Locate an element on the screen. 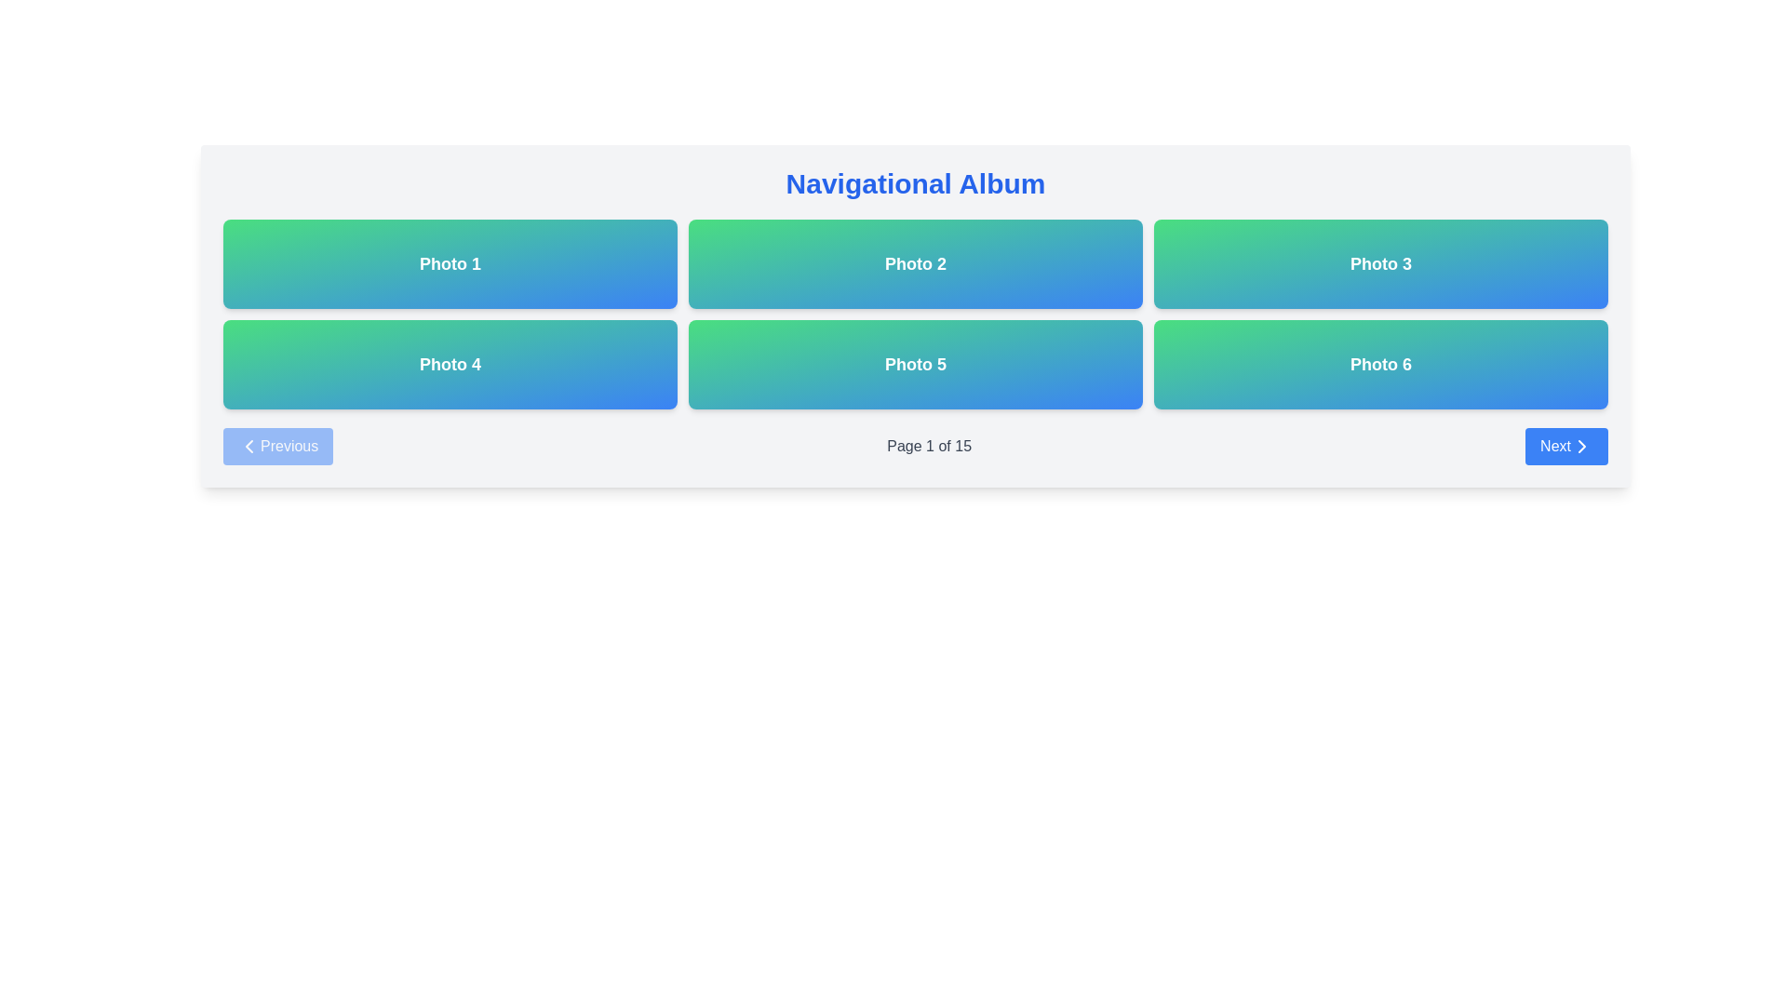 Image resolution: width=1787 pixels, height=1005 pixels. the rectangular card with a gradient background and the bold white text 'Photo 5', located in the second row and second column of a grid layout is located at coordinates (915, 365).